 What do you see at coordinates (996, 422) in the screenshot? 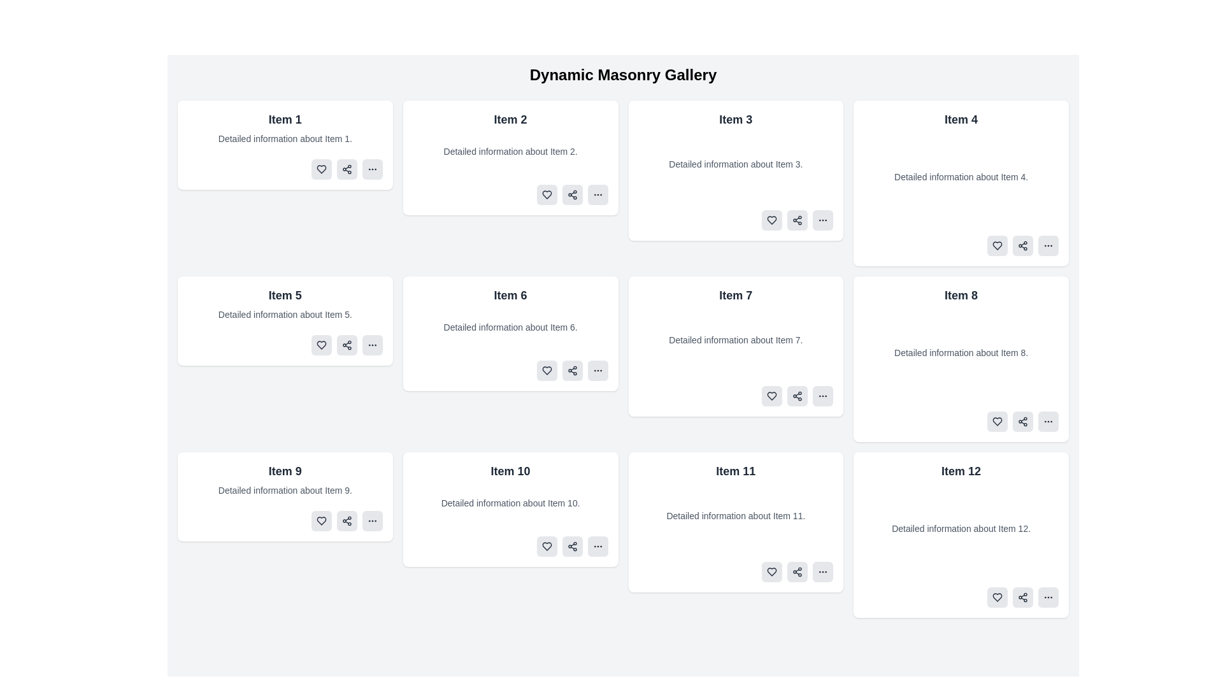
I see `the heart-shaped like button located in the bottom-right section of the card UI for 'Item 8'` at bounding box center [996, 422].